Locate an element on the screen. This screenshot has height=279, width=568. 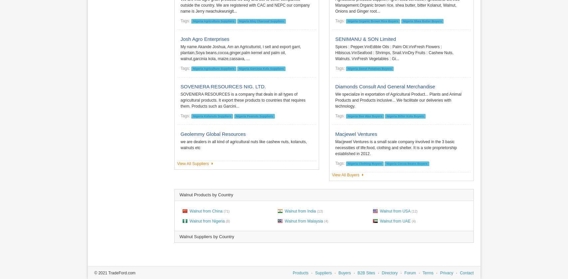
'Walnut from UAE' is located at coordinates (379, 221).